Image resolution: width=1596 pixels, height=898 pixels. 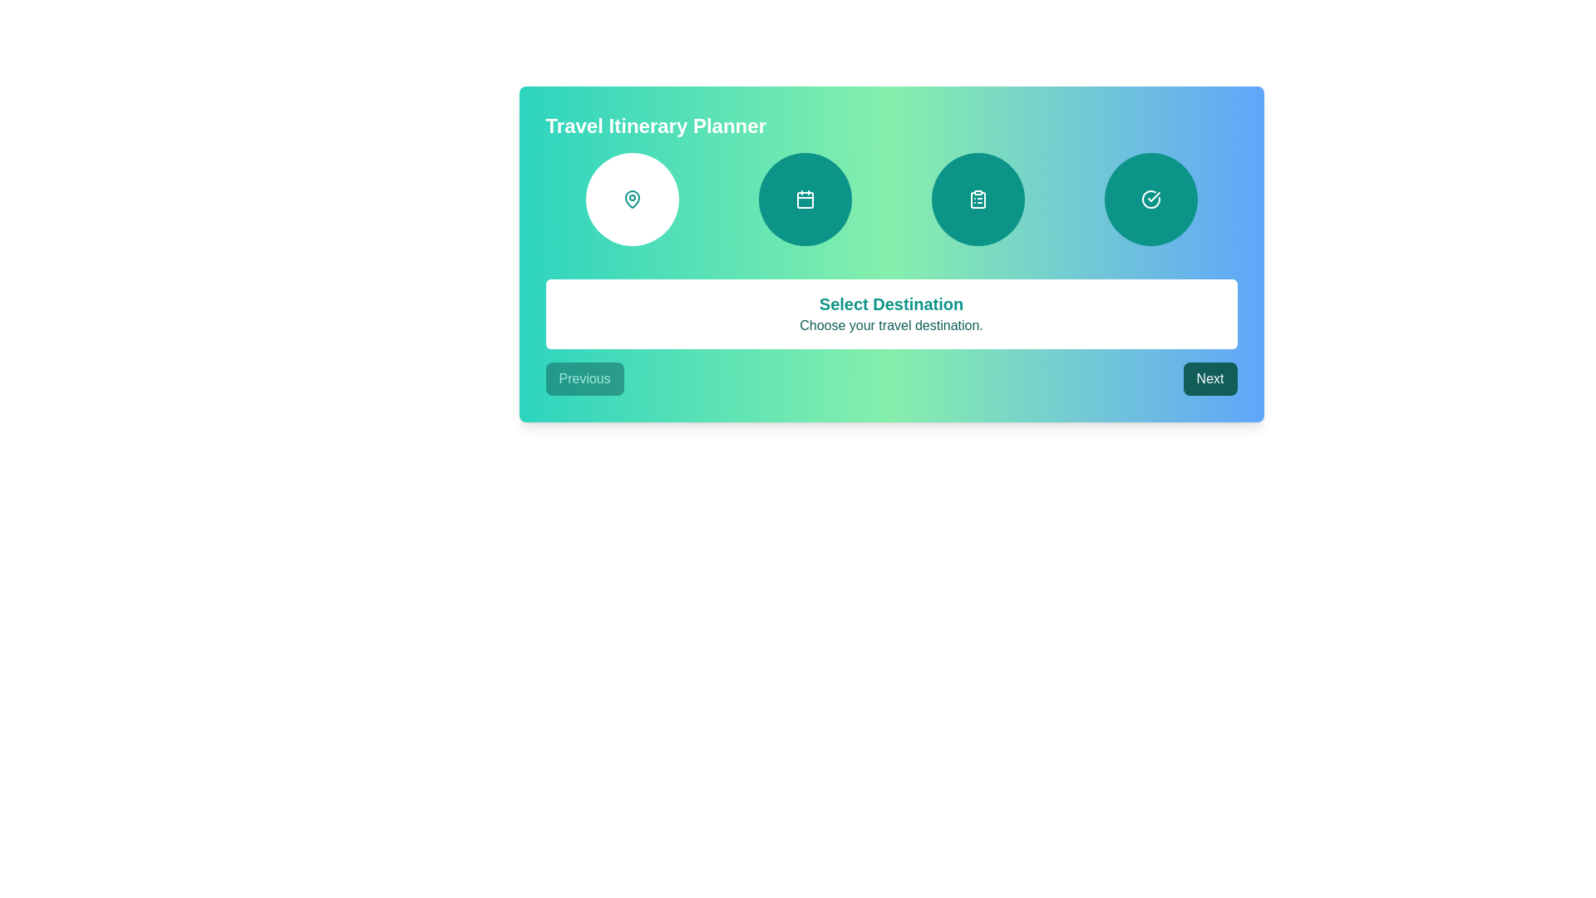 What do you see at coordinates (805, 199) in the screenshot?
I see `the inner part of the calendar icon, which is a small, rounded rectangle shape located centrally within the second circular icon in the horizontal list of three icons near the top of the layout` at bounding box center [805, 199].